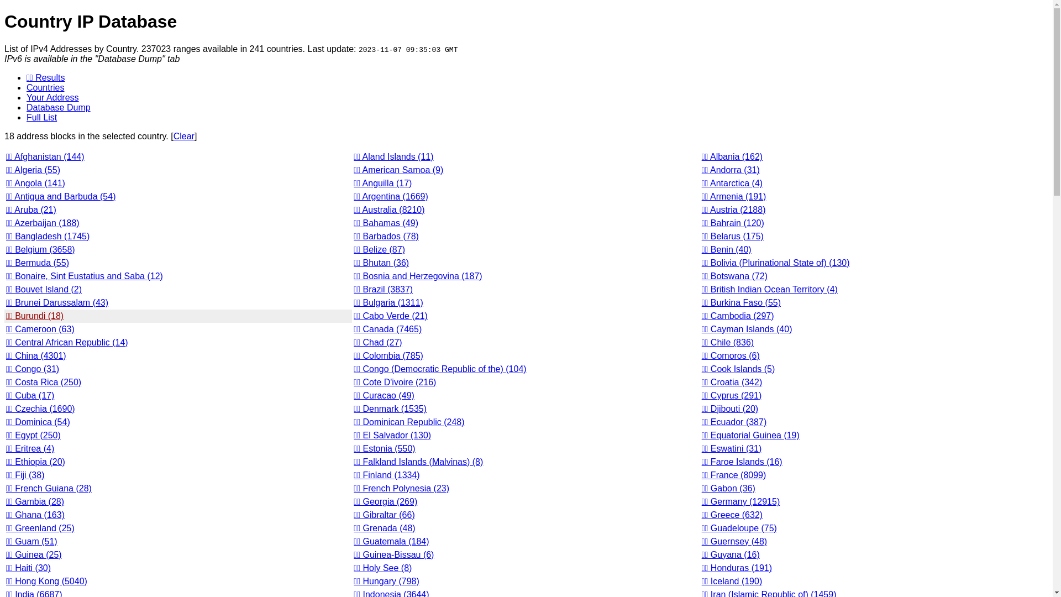 The height and width of the screenshot is (597, 1061). What do you see at coordinates (57, 107) in the screenshot?
I see `'Database Dump'` at bounding box center [57, 107].